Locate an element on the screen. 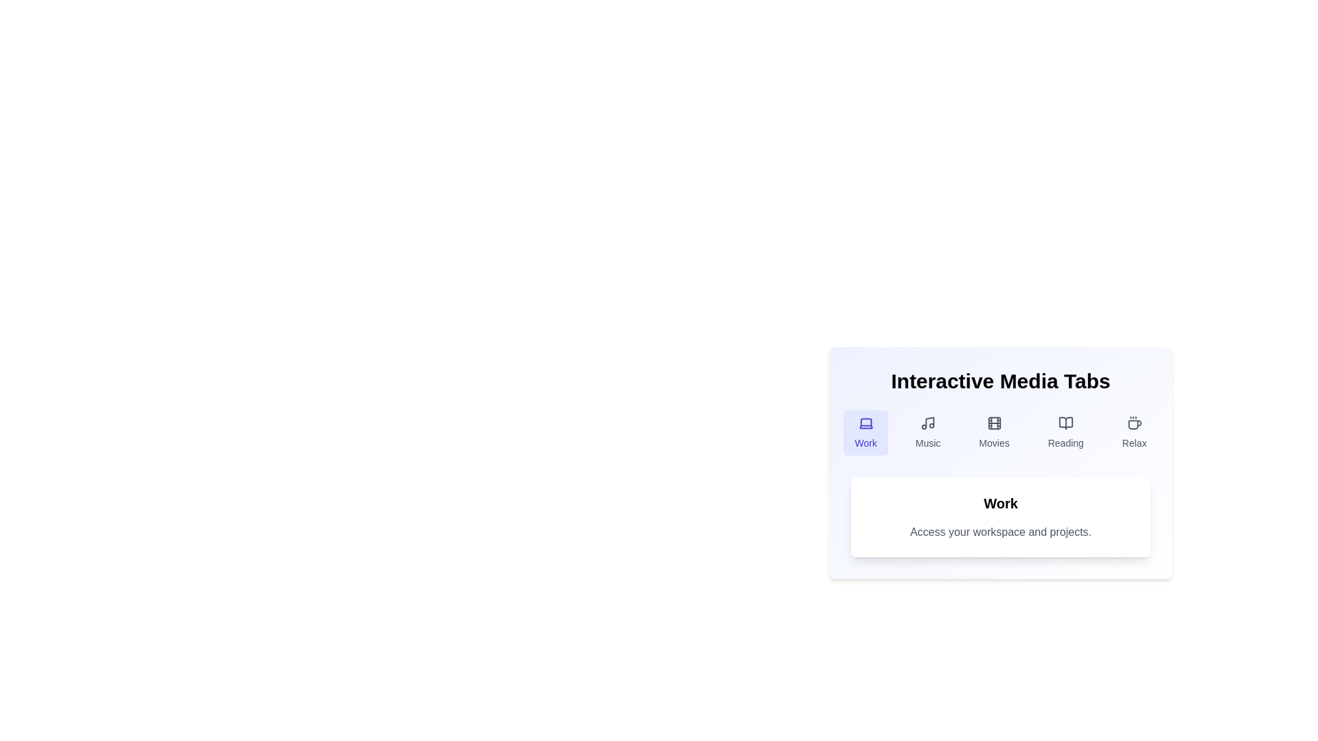  the tab labeled Reading by clicking on it is located at coordinates (1065, 433).